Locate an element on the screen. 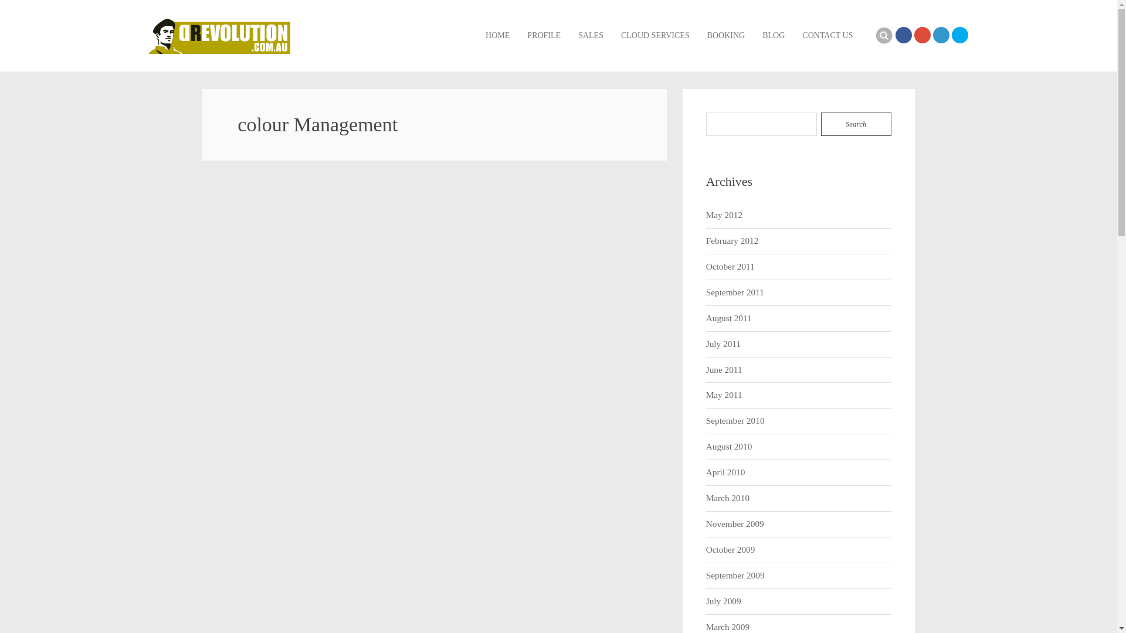 The width and height of the screenshot is (1126, 633). 'June 2011' is located at coordinates (723, 370).